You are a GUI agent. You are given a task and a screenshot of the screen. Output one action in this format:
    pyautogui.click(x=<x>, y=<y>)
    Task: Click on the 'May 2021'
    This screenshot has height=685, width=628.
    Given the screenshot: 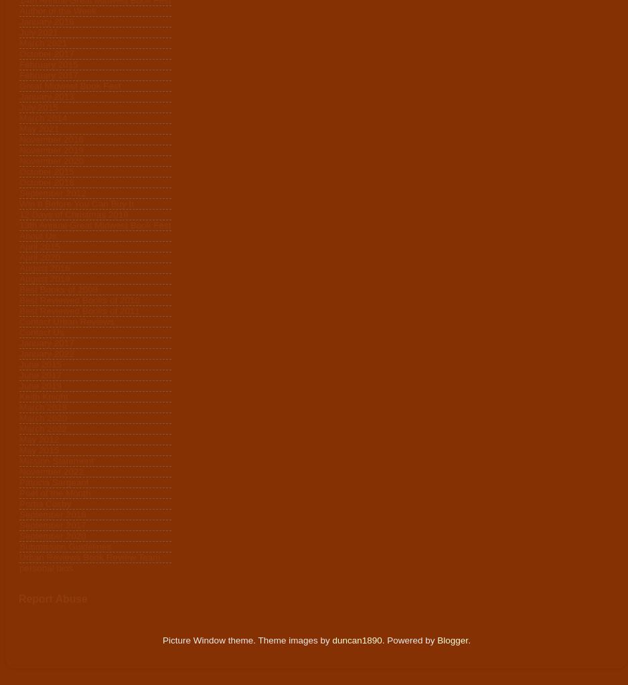 What is the action you would take?
    pyautogui.click(x=38, y=129)
    